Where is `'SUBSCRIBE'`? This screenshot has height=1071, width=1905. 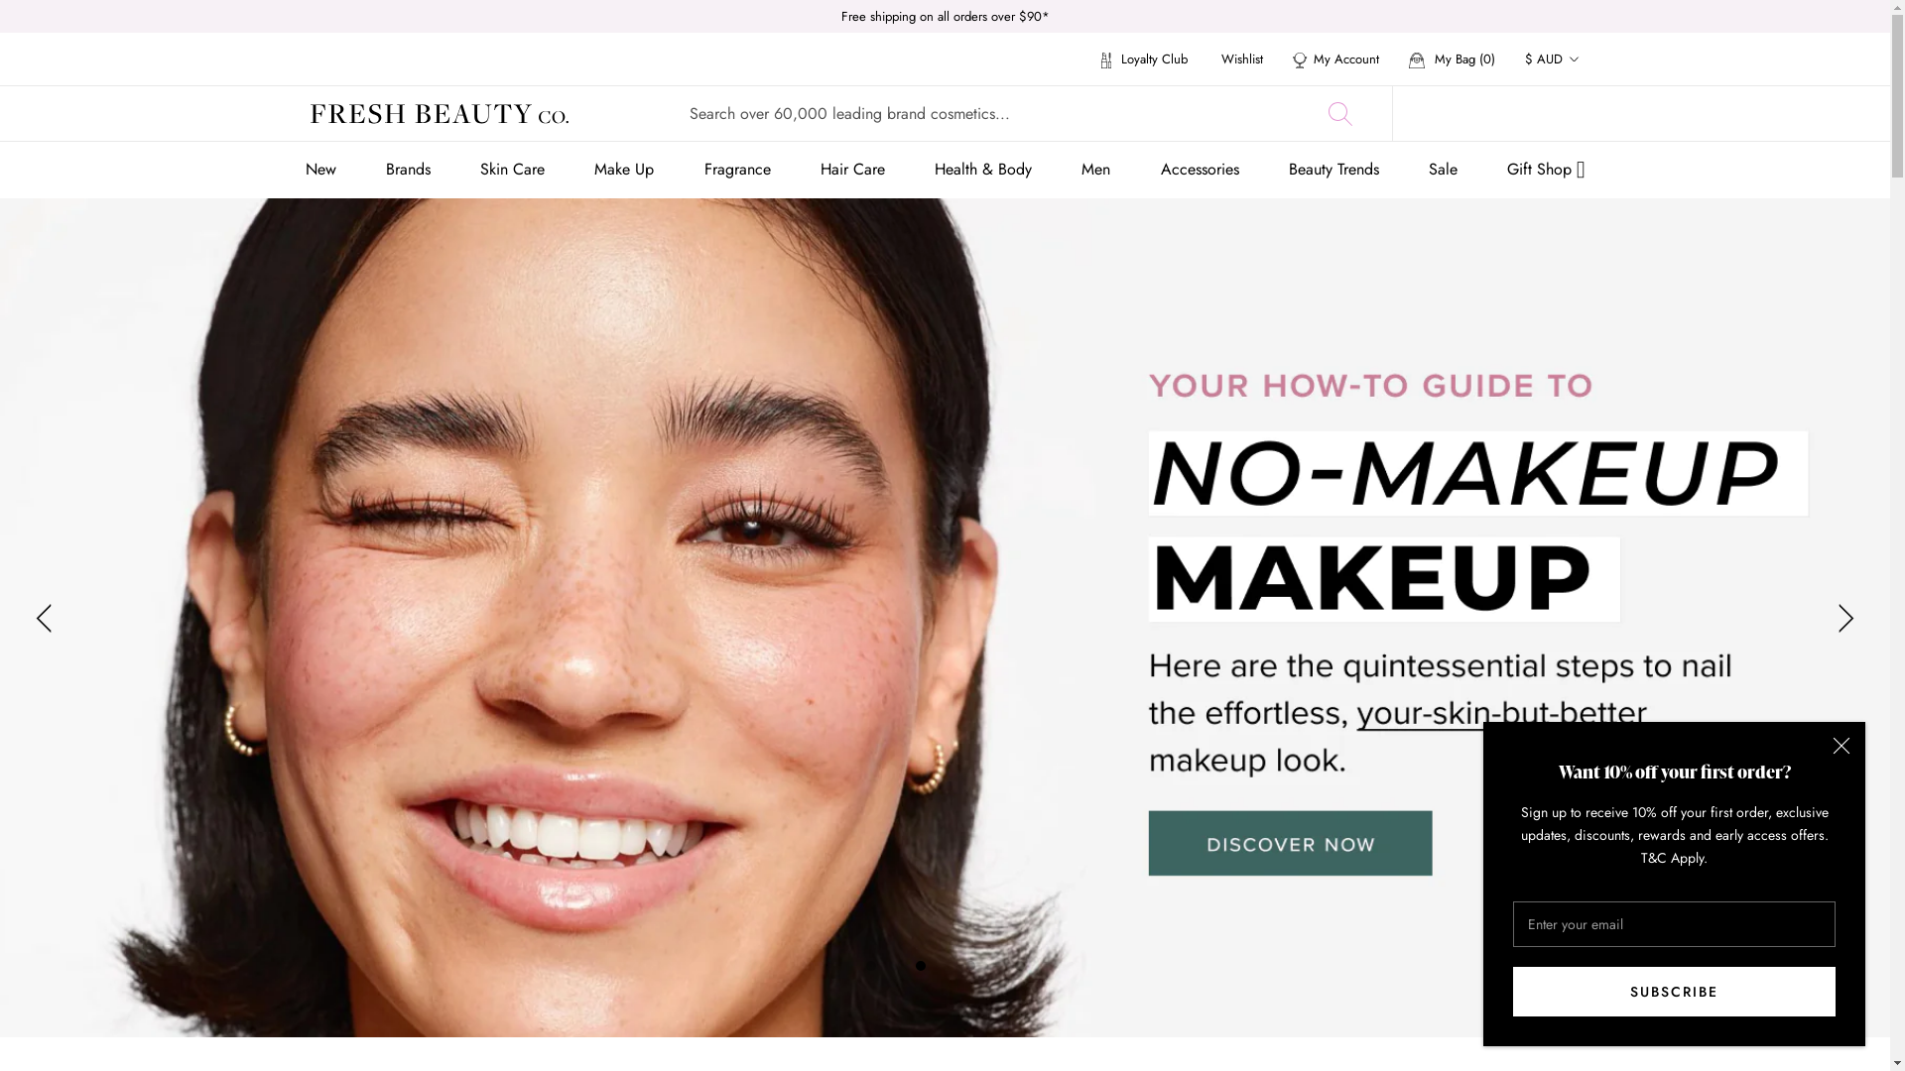 'SUBSCRIBE' is located at coordinates (1673, 991).